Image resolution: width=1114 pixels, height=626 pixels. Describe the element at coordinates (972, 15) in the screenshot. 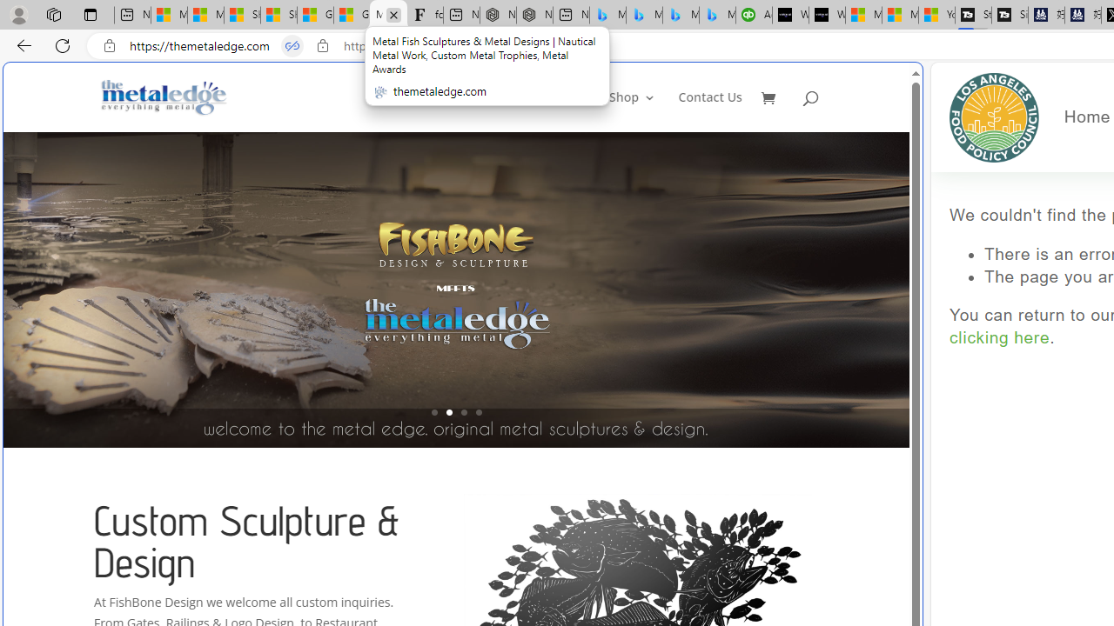

I see `'Streaming Coverage | T3'` at that location.